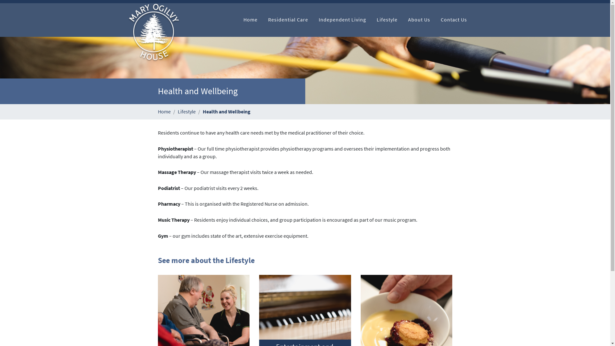 This screenshot has height=346, width=615. What do you see at coordinates (386, 19) in the screenshot?
I see `'Lifestyle'` at bounding box center [386, 19].